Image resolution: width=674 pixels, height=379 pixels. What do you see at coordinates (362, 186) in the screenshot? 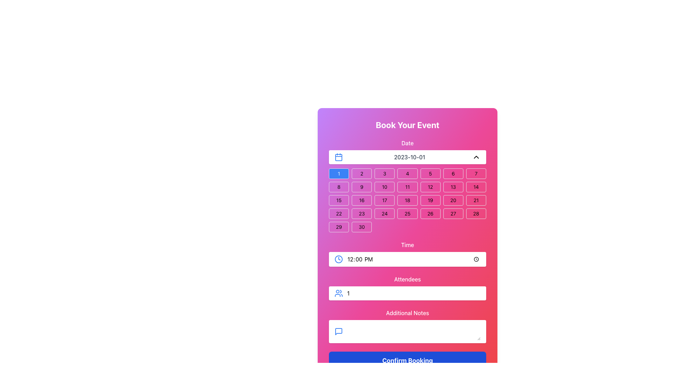
I see `the small rectangular button displaying the number '9' in the calendar grid layout of the 'Book Your Event' interface` at bounding box center [362, 186].